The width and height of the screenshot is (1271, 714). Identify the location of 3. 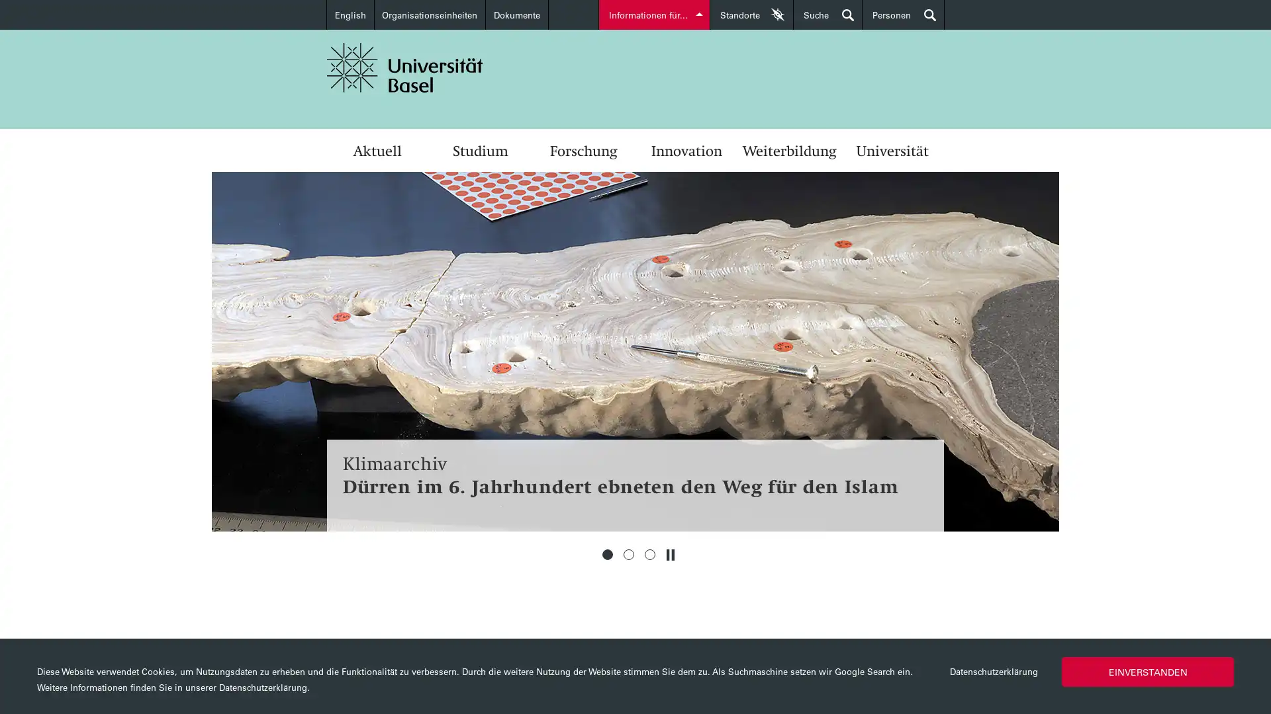
(649, 555).